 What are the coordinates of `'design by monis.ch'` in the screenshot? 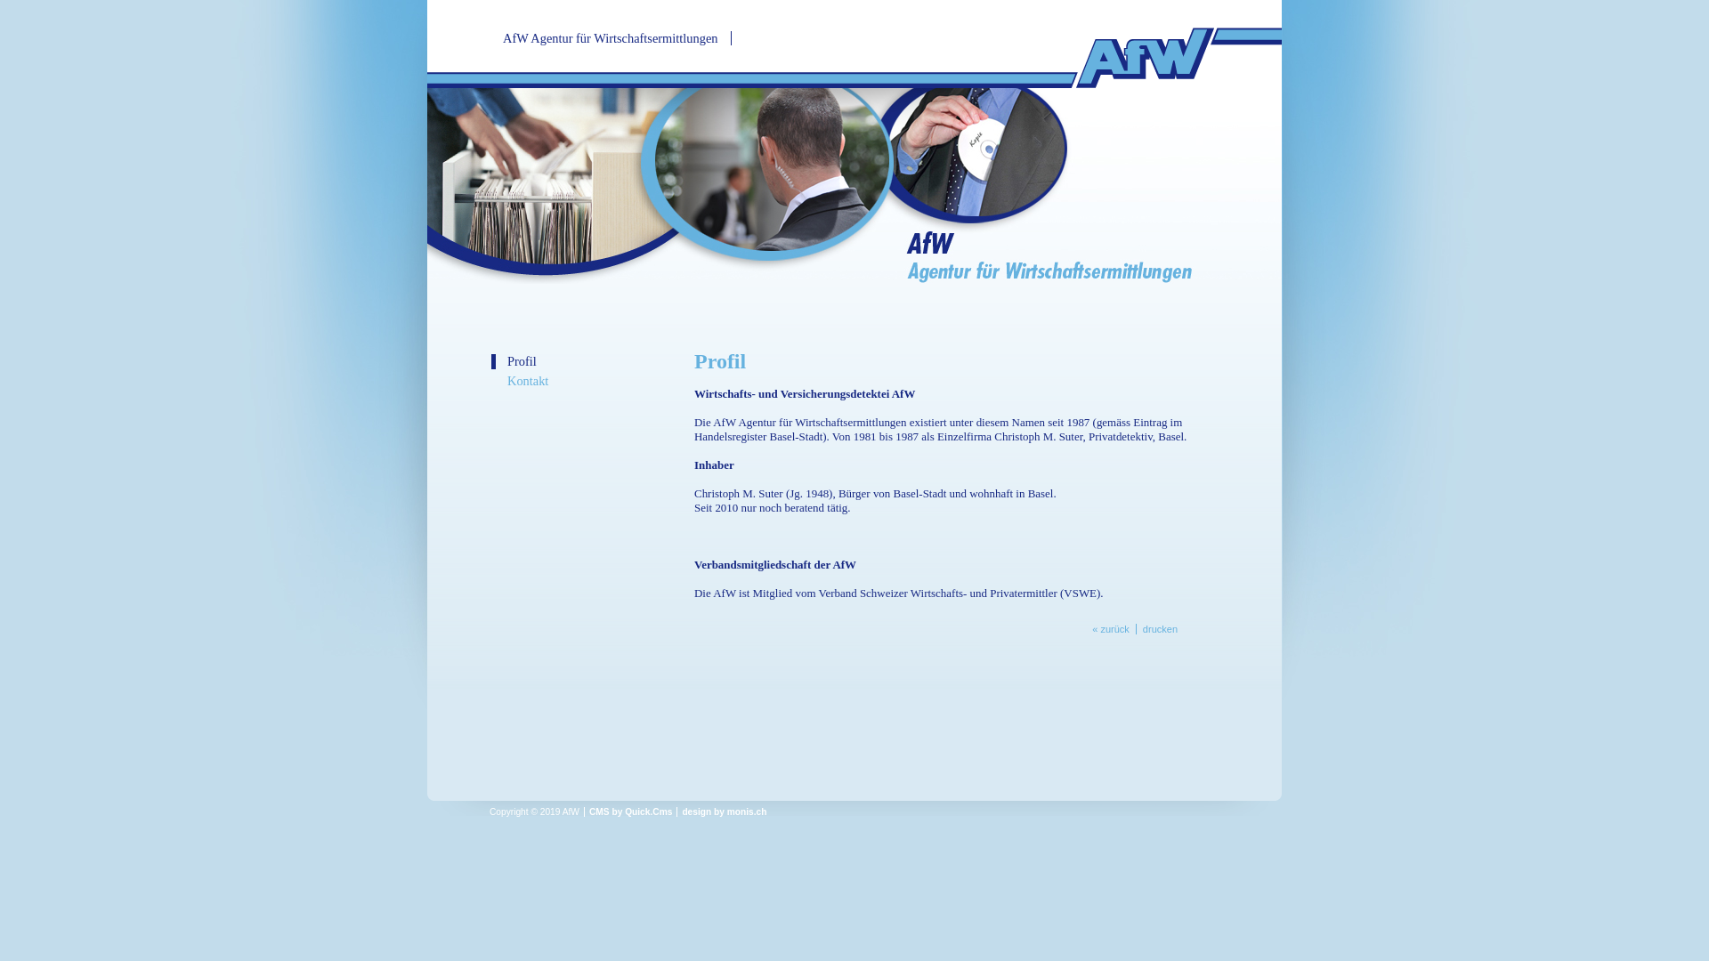 It's located at (724, 812).